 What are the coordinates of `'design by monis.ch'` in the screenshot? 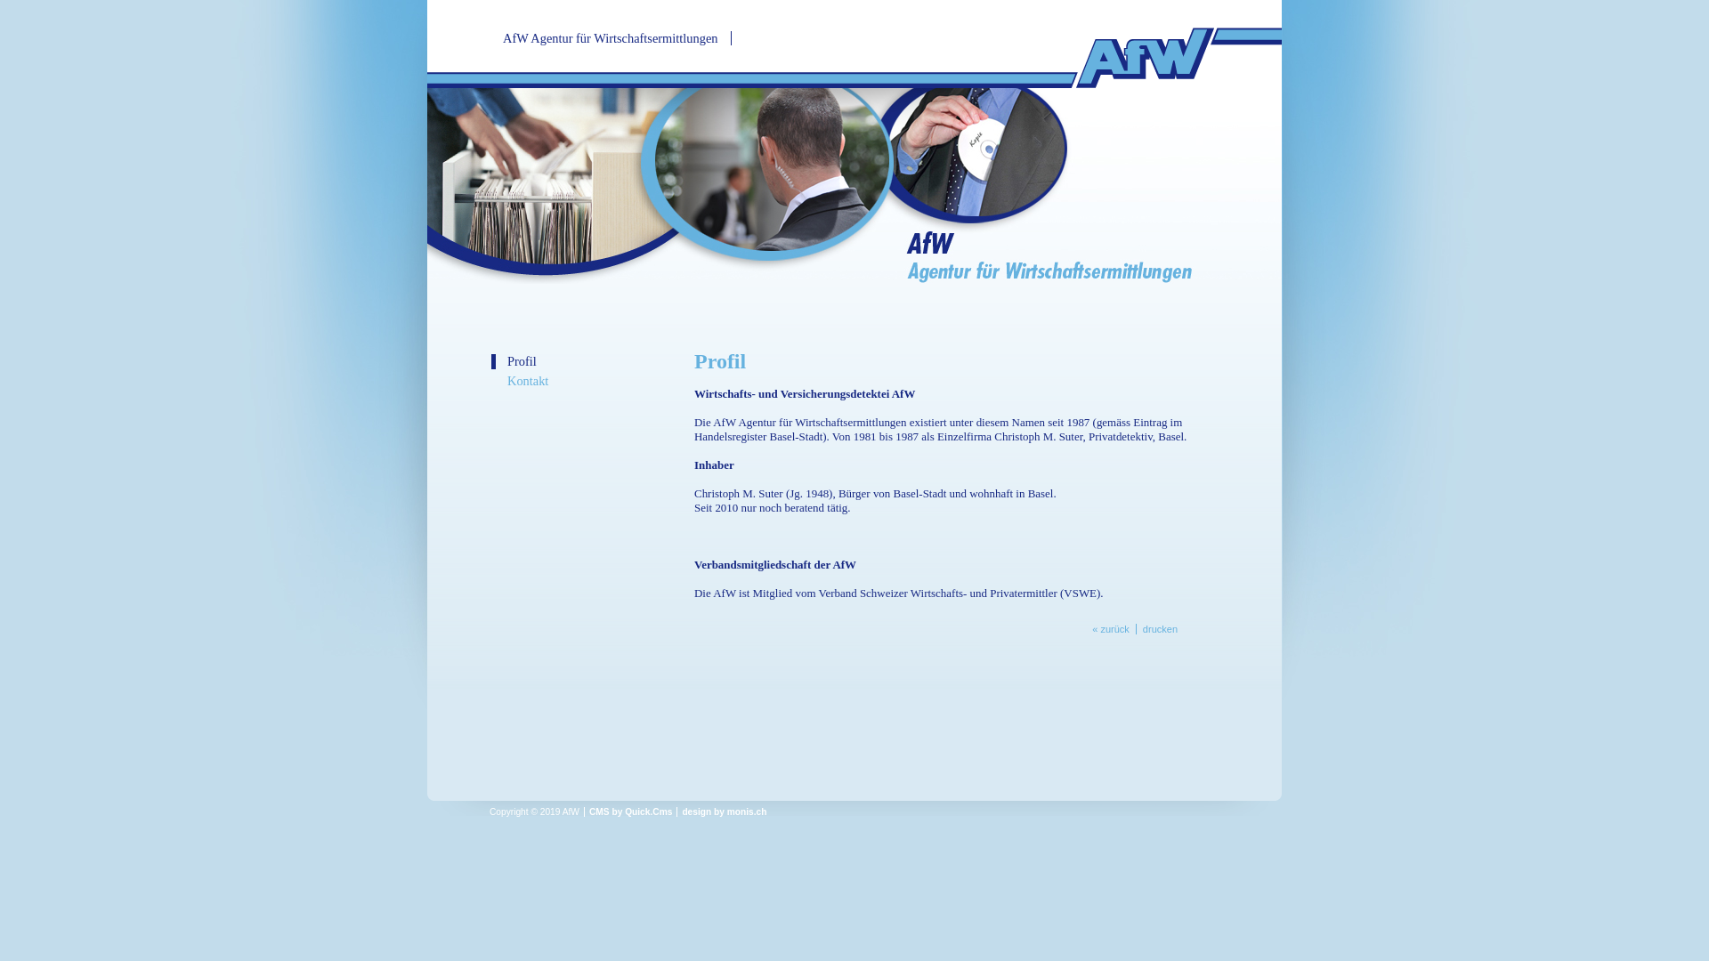 It's located at (724, 812).